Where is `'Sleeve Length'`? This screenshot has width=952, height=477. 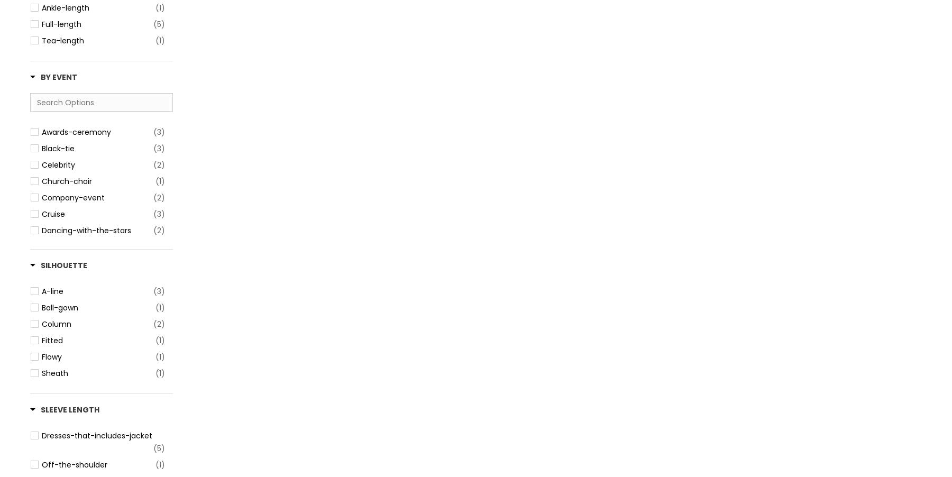
'Sleeve Length' is located at coordinates (70, 409).